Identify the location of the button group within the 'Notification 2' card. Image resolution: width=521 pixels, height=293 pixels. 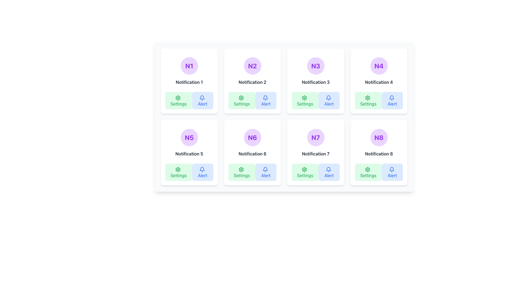
(252, 100).